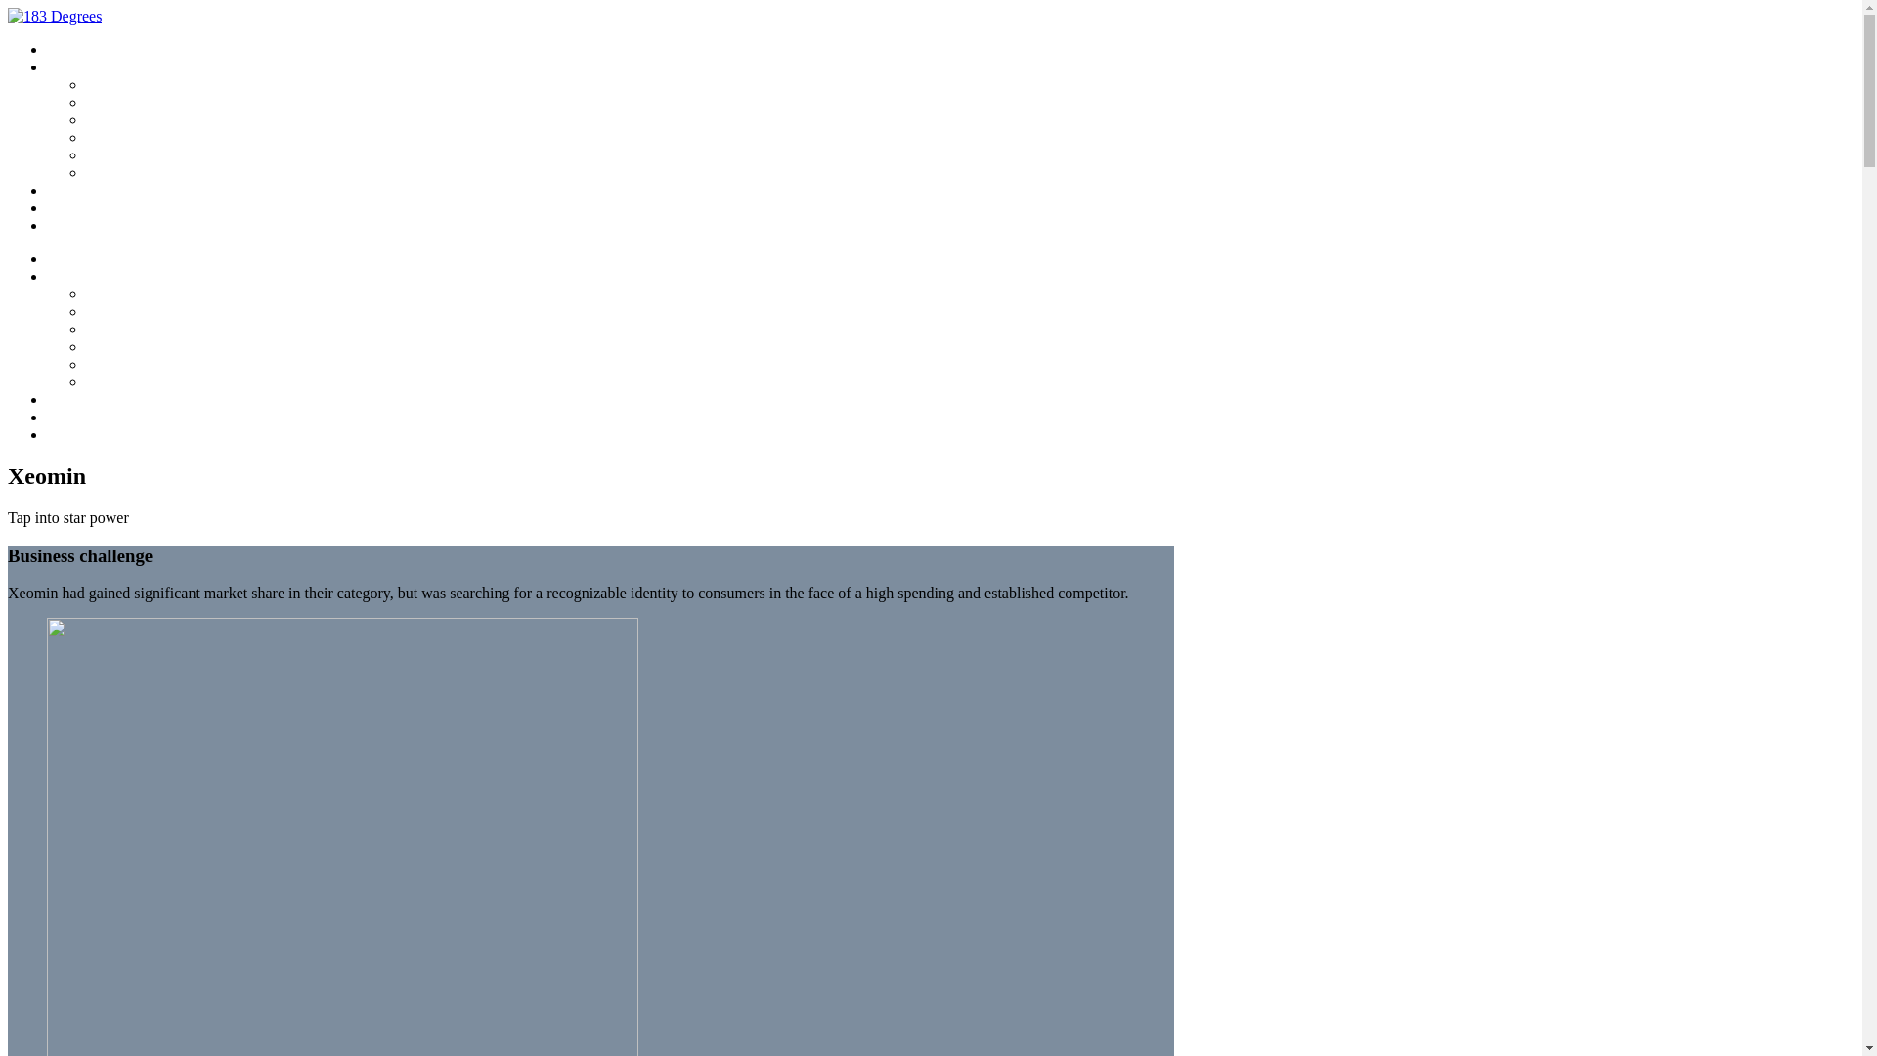  Describe the element at coordinates (110, 365) in the screenshot. I see `'Radiesse'` at that location.